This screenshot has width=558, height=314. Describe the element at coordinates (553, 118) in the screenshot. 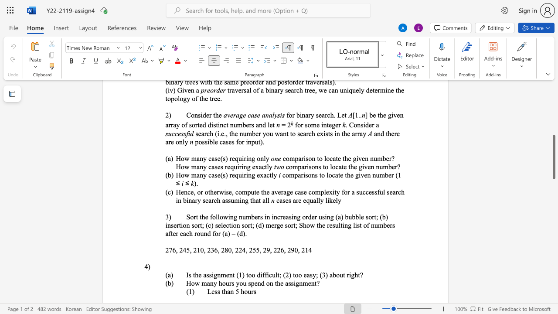

I see `the scrollbar to move the page upward` at that location.